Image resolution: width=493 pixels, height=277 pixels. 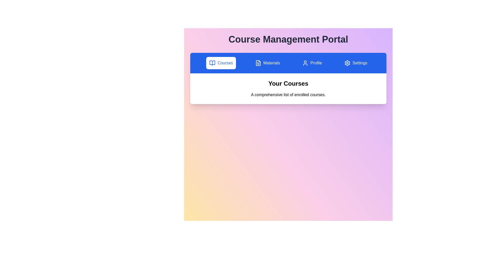 I want to click on the 'Settings' button with a gear icon, which is the fourth button in the horizontal navigation bar at the top of the interface, so click(x=355, y=63).